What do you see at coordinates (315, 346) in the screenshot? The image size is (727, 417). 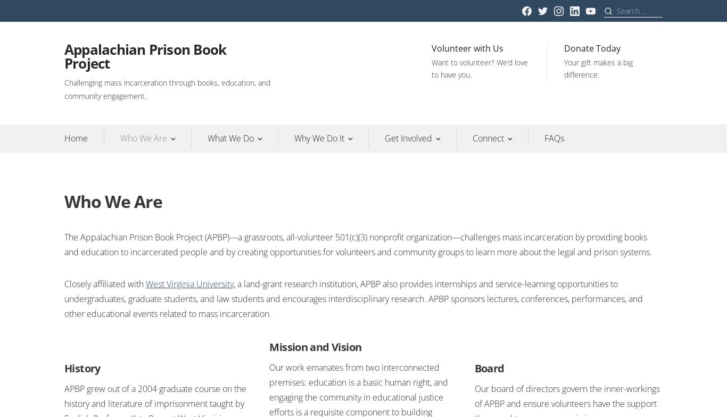 I see `'Mission and Vision'` at bounding box center [315, 346].